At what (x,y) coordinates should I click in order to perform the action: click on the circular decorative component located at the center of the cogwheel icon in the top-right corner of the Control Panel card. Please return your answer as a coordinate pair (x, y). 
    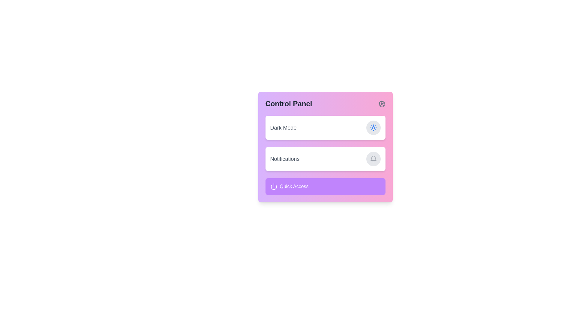
    Looking at the image, I should click on (381, 103).